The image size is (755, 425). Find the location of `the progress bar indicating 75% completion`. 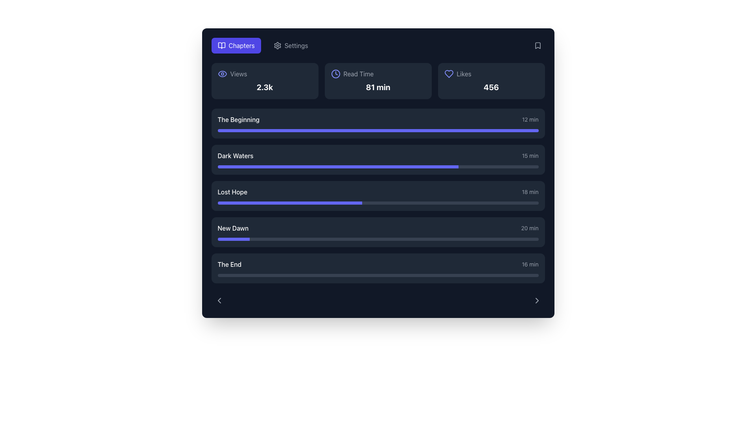

the progress bar indicating 75% completion is located at coordinates (378, 166).